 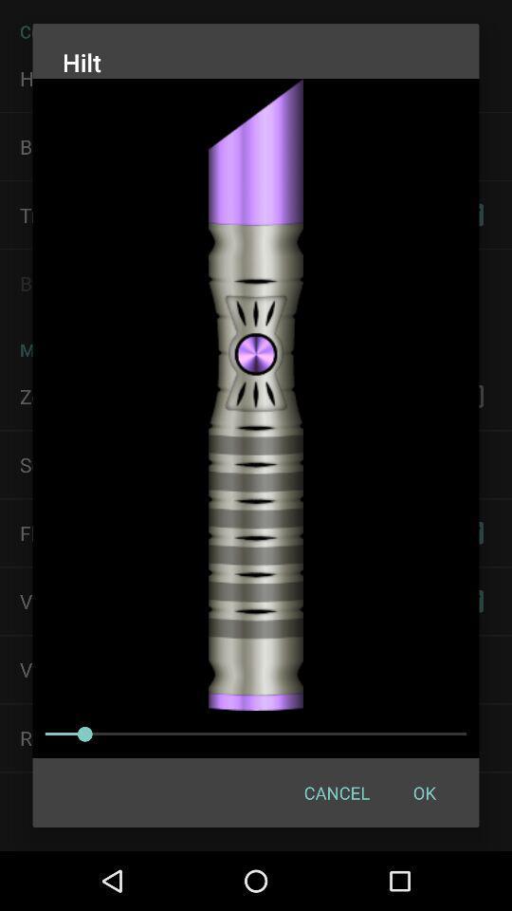 What do you see at coordinates (424, 792) in the screenshot?
I see `button next to cancel icon` at bounding box center [424, 792].